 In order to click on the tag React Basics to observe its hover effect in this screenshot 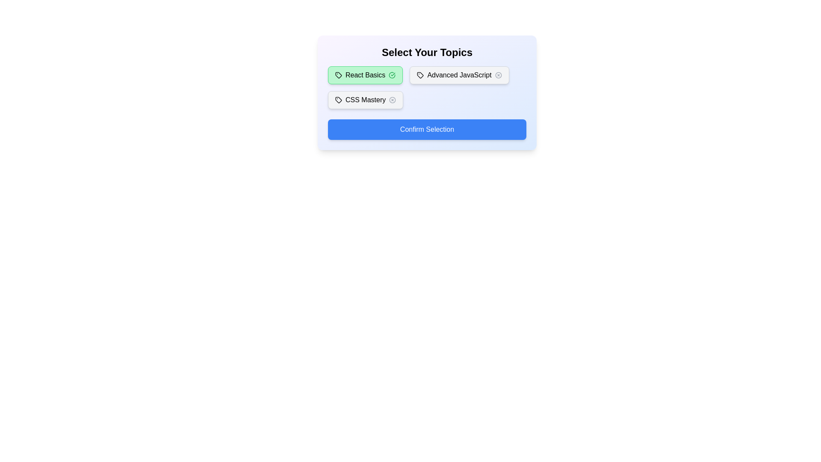, I will do `click(365, 75)`.